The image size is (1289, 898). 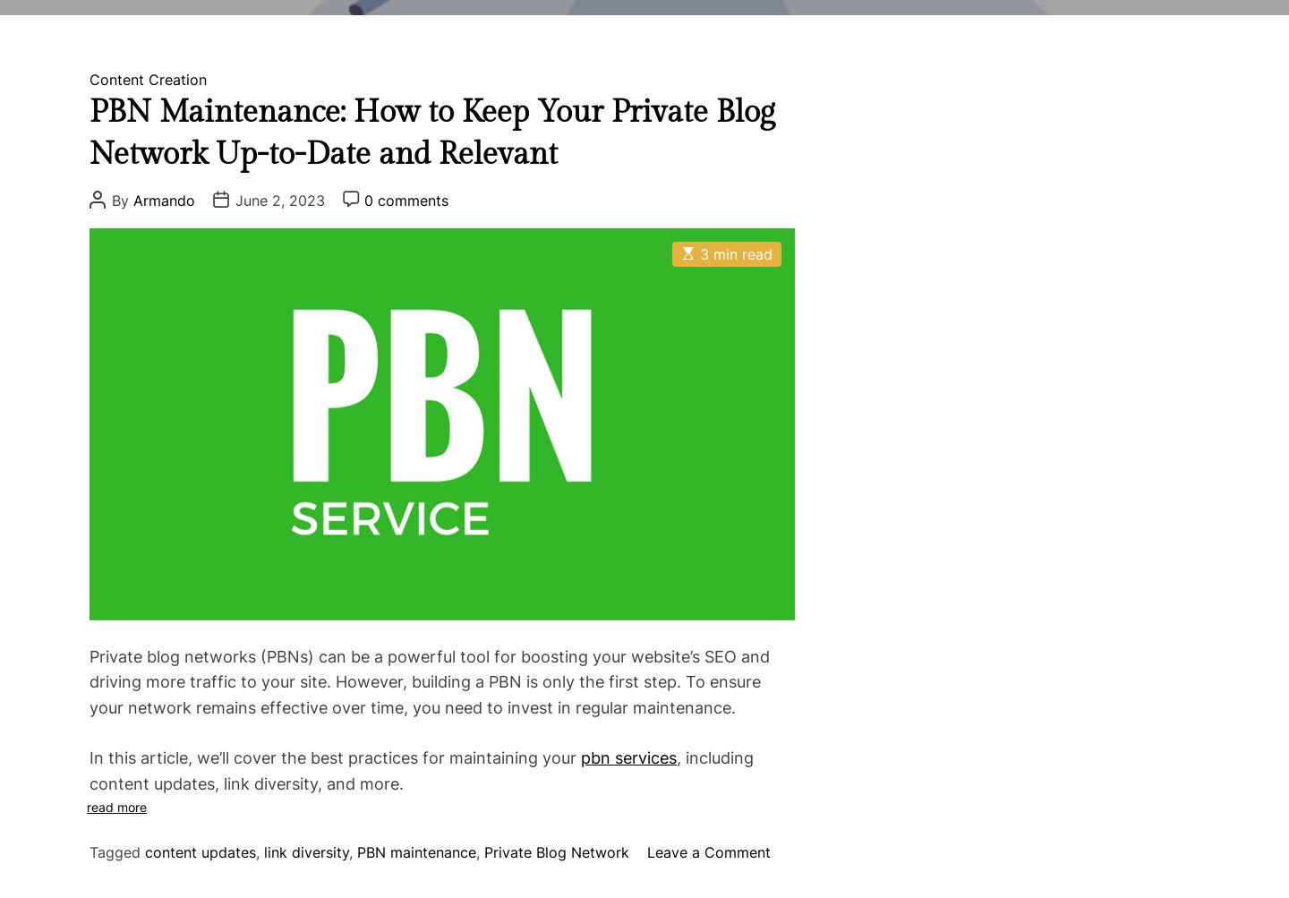 I want to click on 'PBNs and Keyword Research: How to Identify the Right Keywords for Your Private Blog Network', so click(x=632, y=483).